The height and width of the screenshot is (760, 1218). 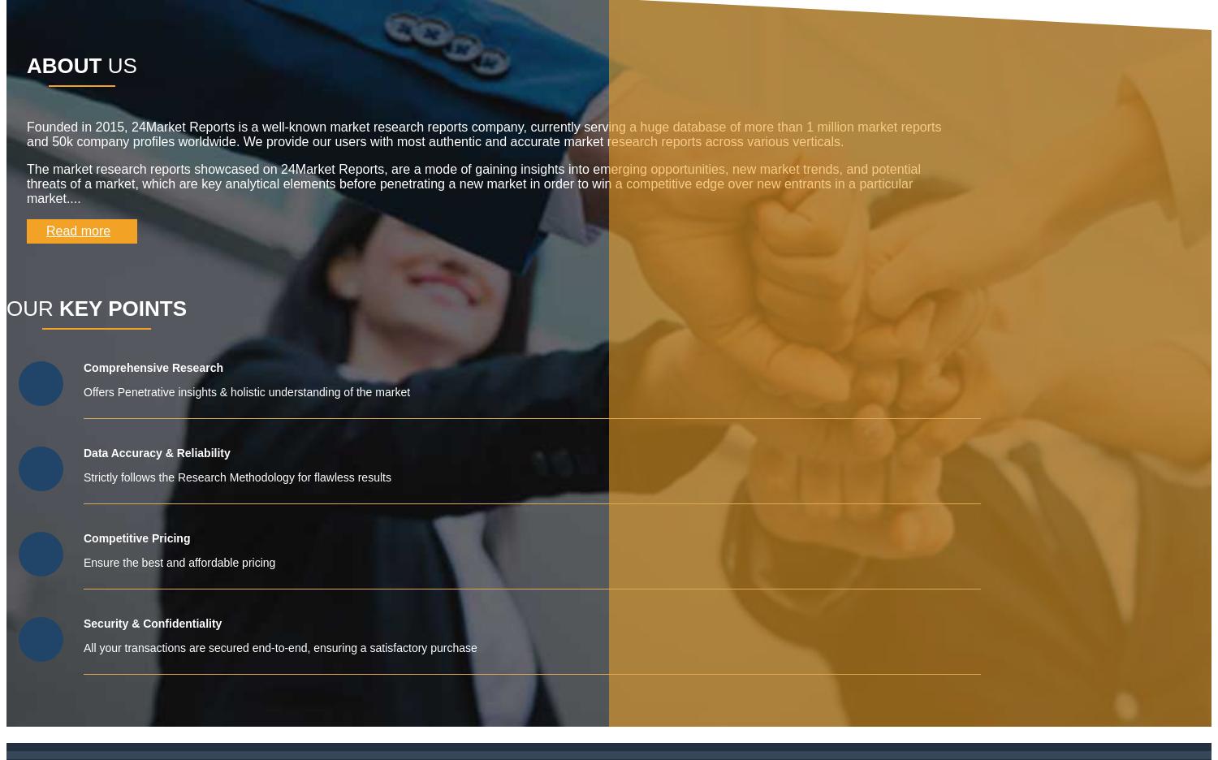 I want to click on 'Competitive Pricing', so click(x=136, y=537).